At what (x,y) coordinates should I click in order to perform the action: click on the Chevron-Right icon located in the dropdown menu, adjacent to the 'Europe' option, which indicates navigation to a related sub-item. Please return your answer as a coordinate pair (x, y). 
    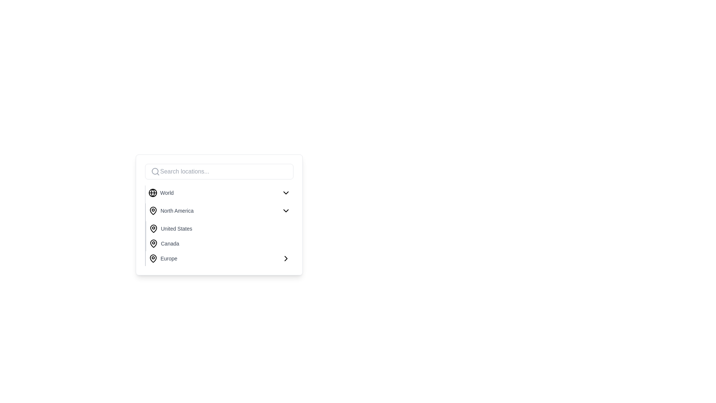
    Looking at the image, I should click on (285, 258).